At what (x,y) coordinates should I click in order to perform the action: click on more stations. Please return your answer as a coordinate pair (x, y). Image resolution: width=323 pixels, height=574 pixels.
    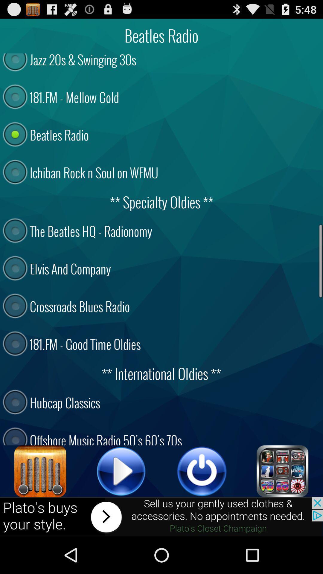
    Looking at the image, I should click on (283, 471).